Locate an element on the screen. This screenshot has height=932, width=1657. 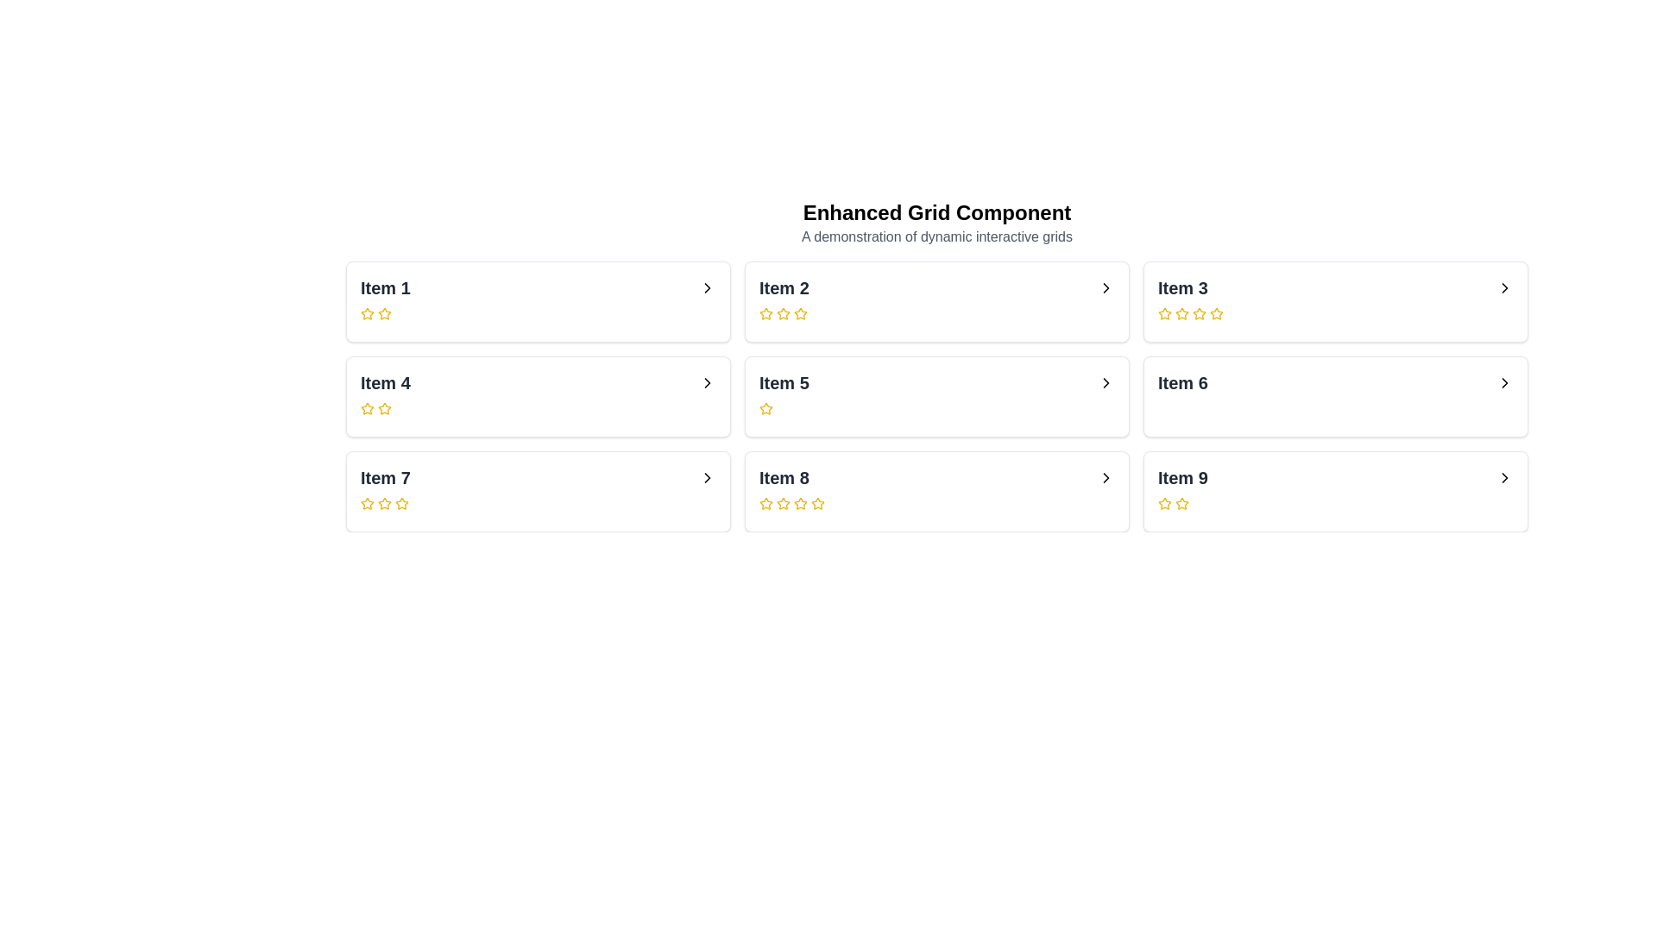
the Card widget with navigation that represents 'Item 8' to interact with it, located in the middle column of the third row in the grid layout is located at coordinates (936, 492).